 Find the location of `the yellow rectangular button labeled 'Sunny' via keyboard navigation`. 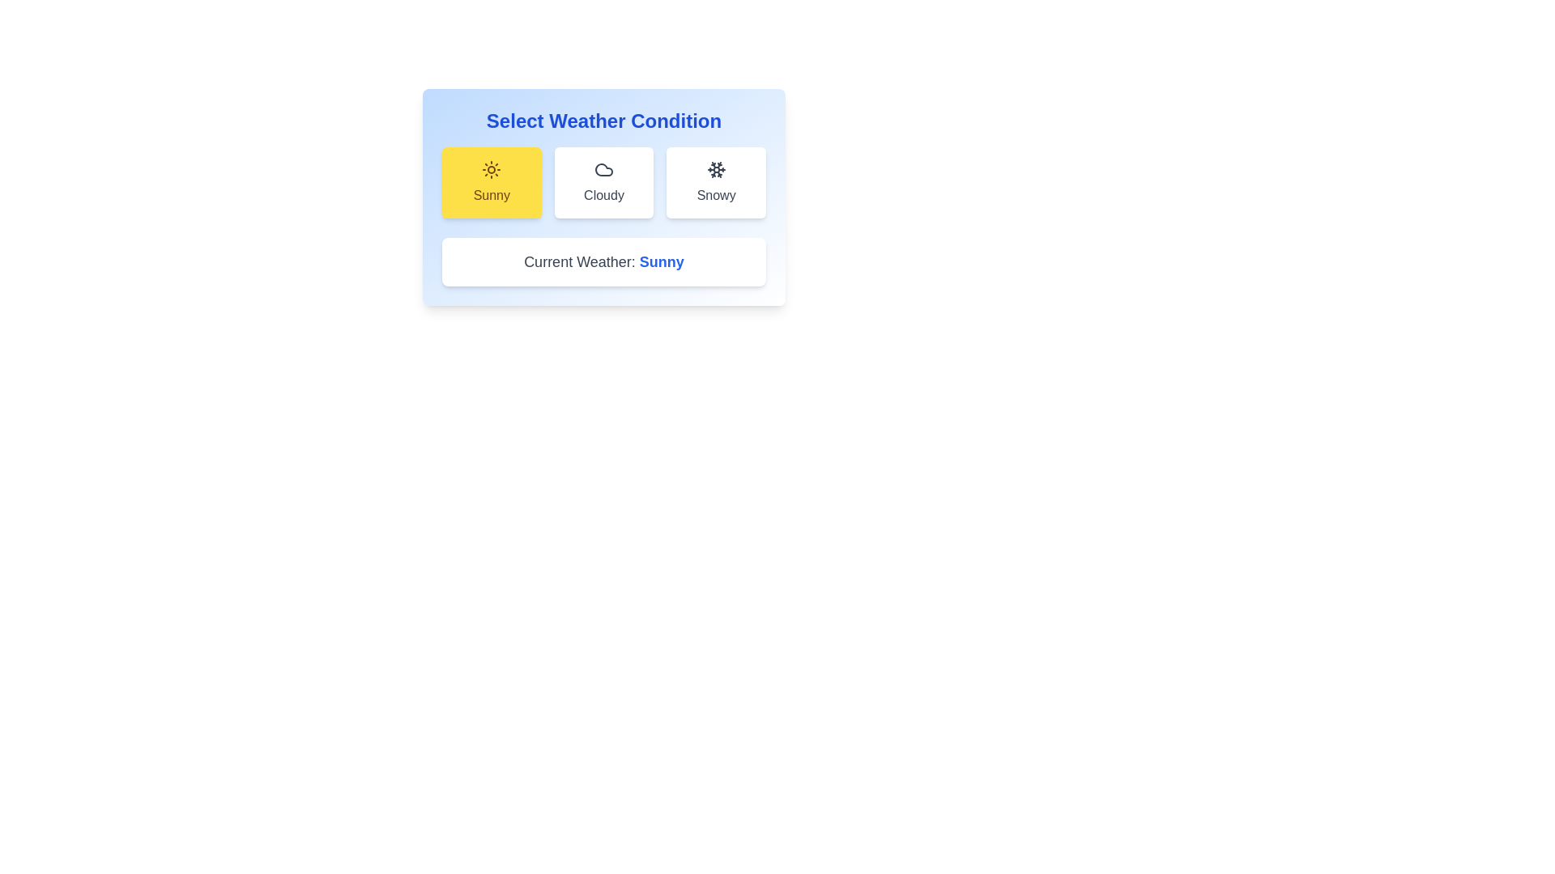

the yellow rectangular button labeled 'Sunny' via keyboard navigation is located at coordinates (491, 182).